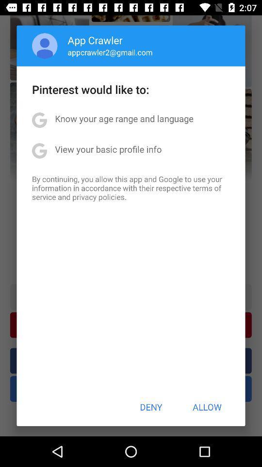 This screenshot has height=467, width=262. Describe the element at coordinates (151, 407) in the screenshot. I see `item to the left of the allow button` at that location.